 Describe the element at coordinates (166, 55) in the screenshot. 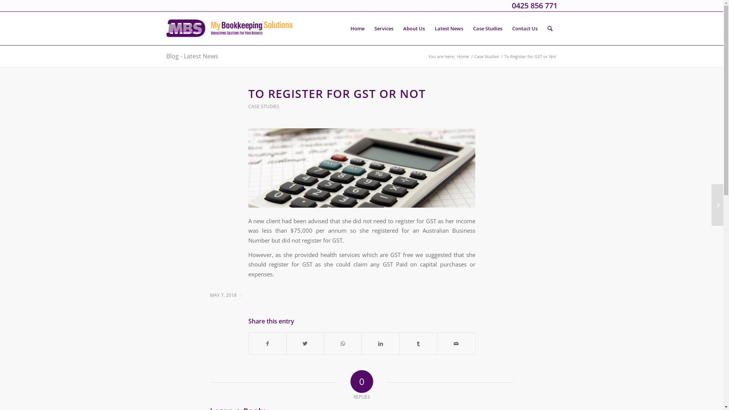

I see `'Blog - Latest News'` at that location.